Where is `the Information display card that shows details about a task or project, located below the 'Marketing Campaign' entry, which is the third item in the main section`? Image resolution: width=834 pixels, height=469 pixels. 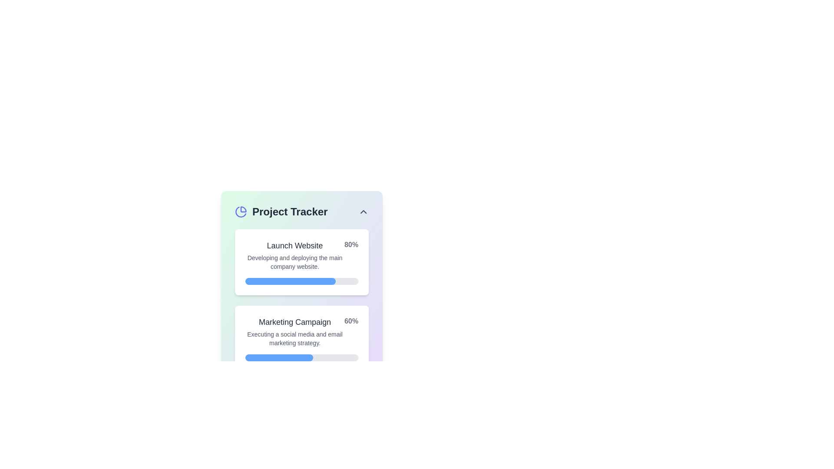
the Information display card that shows details about a task or project, located below the 'Marketing Campaign' entry, which is the third item in the main section is located at coordinates (302, 408).